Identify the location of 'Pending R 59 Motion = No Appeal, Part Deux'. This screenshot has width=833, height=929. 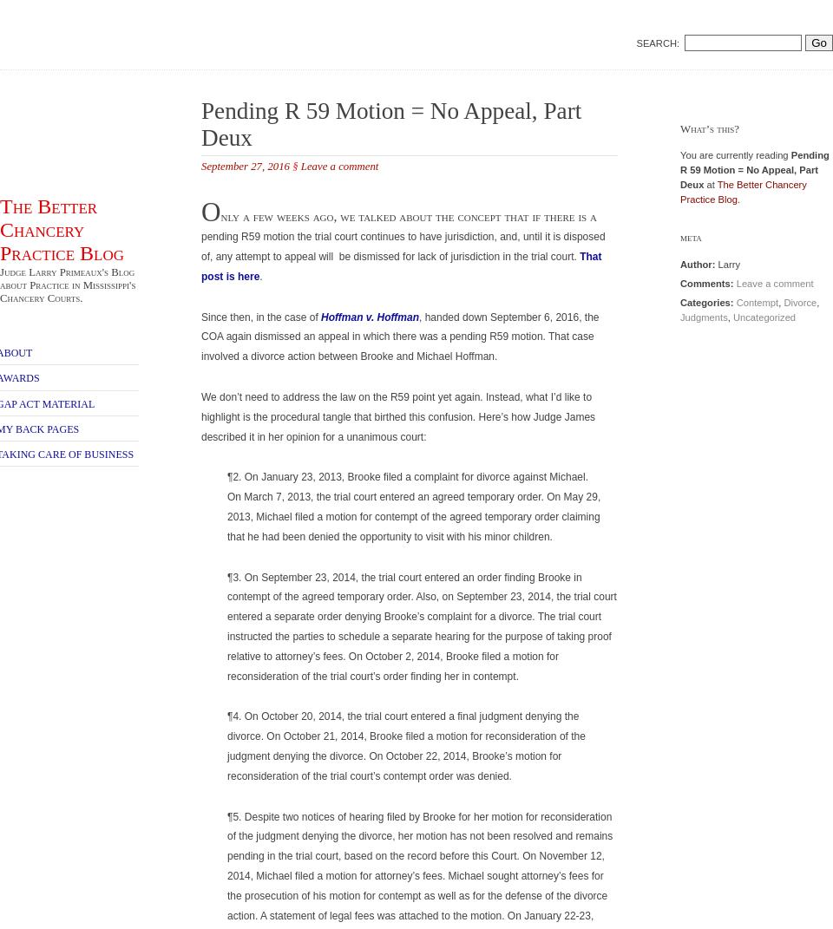
(391, 124).